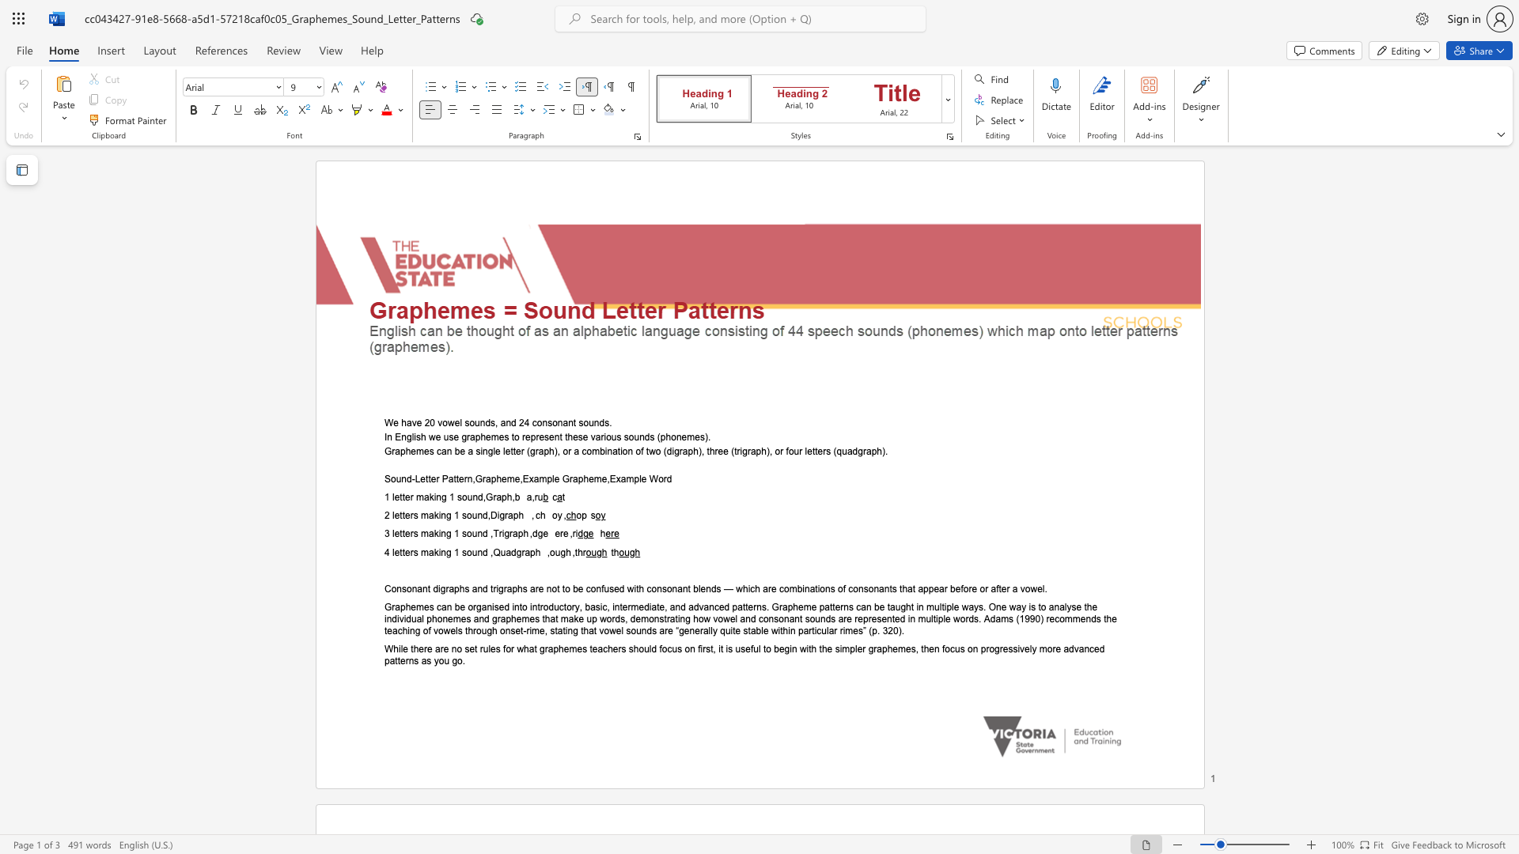 The height and width of the screenshot is (854, 1519). What do you see at coordinates (1048, 606) in the screenshot?
I see `the subset text "analyse the individual phonemes and graphemes that make up words, demonstrating how vowel and consonant soun" within the text "Graphemes can be organised into introductory, basic, intermediate, and advanced patterns. Grapheme patterns can be taught in multiple ways. One way is to analyse the individual phonemes and graphemes that make up words, demonstrating how vowel and consonant sounds are represented in multiple words. Adams (1990) recommends the teaching of vowels through onset-rime, stating that vowel sounds are “generally quite stable within particular rimes” (p. 320)."` at bounding box center [1048, 606].